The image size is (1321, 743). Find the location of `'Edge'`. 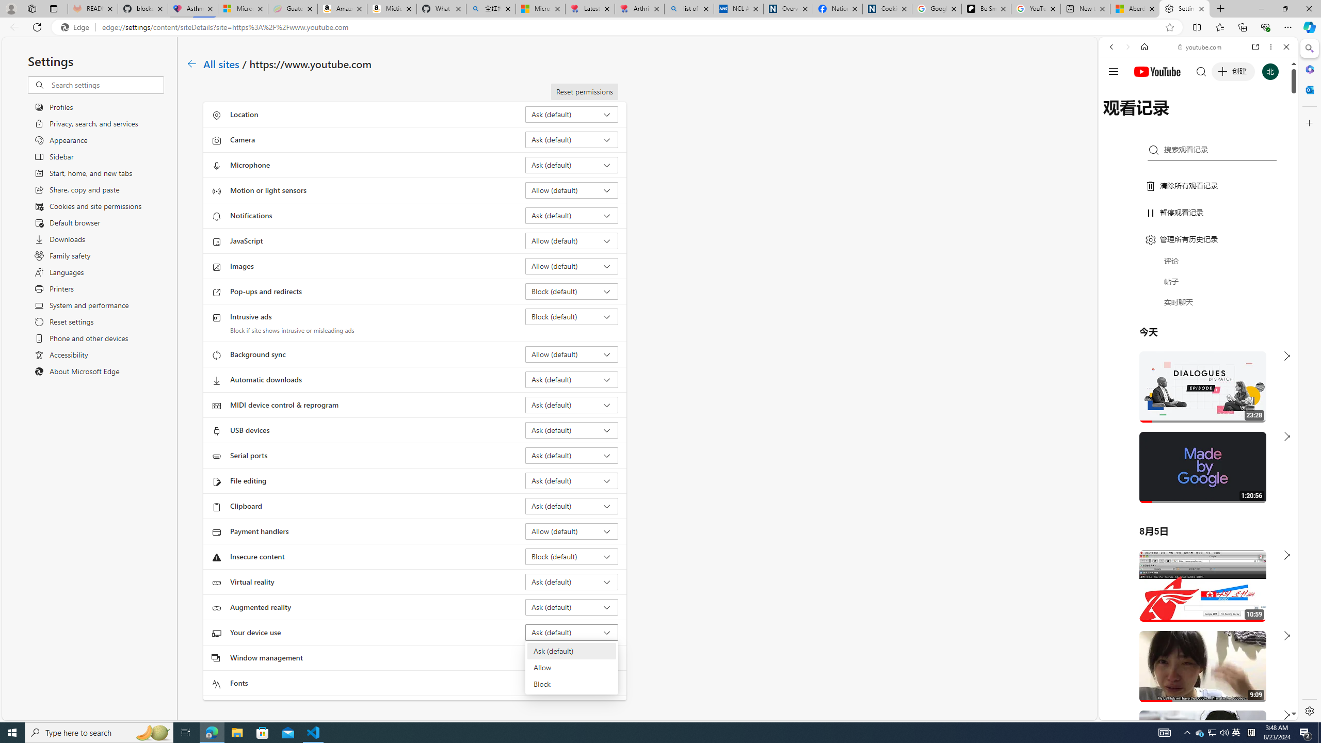

'Edge' is located at coordinates (76, 27).